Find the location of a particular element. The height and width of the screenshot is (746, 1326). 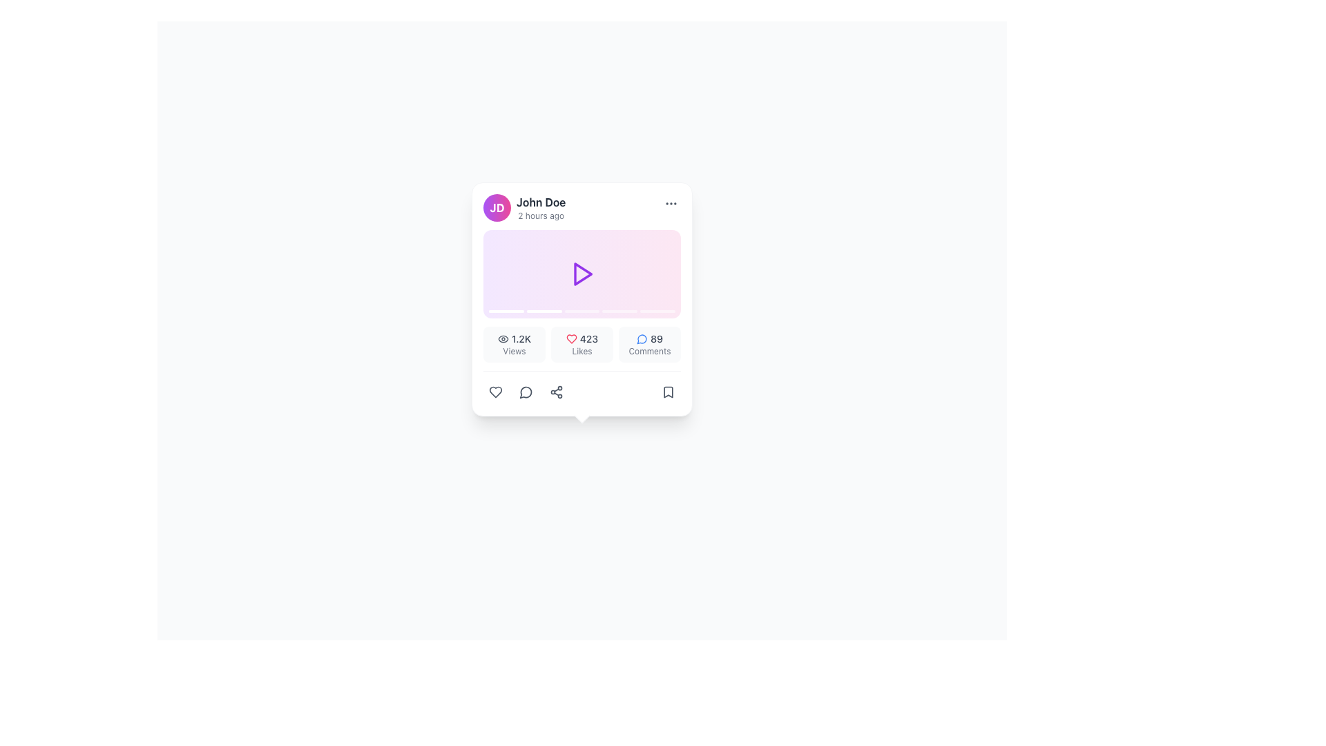

the share icon button, which is depicted as three connected dots forming a triangular shape, located in the bottom action bar of the card interface is located at coordinates (557, 392).